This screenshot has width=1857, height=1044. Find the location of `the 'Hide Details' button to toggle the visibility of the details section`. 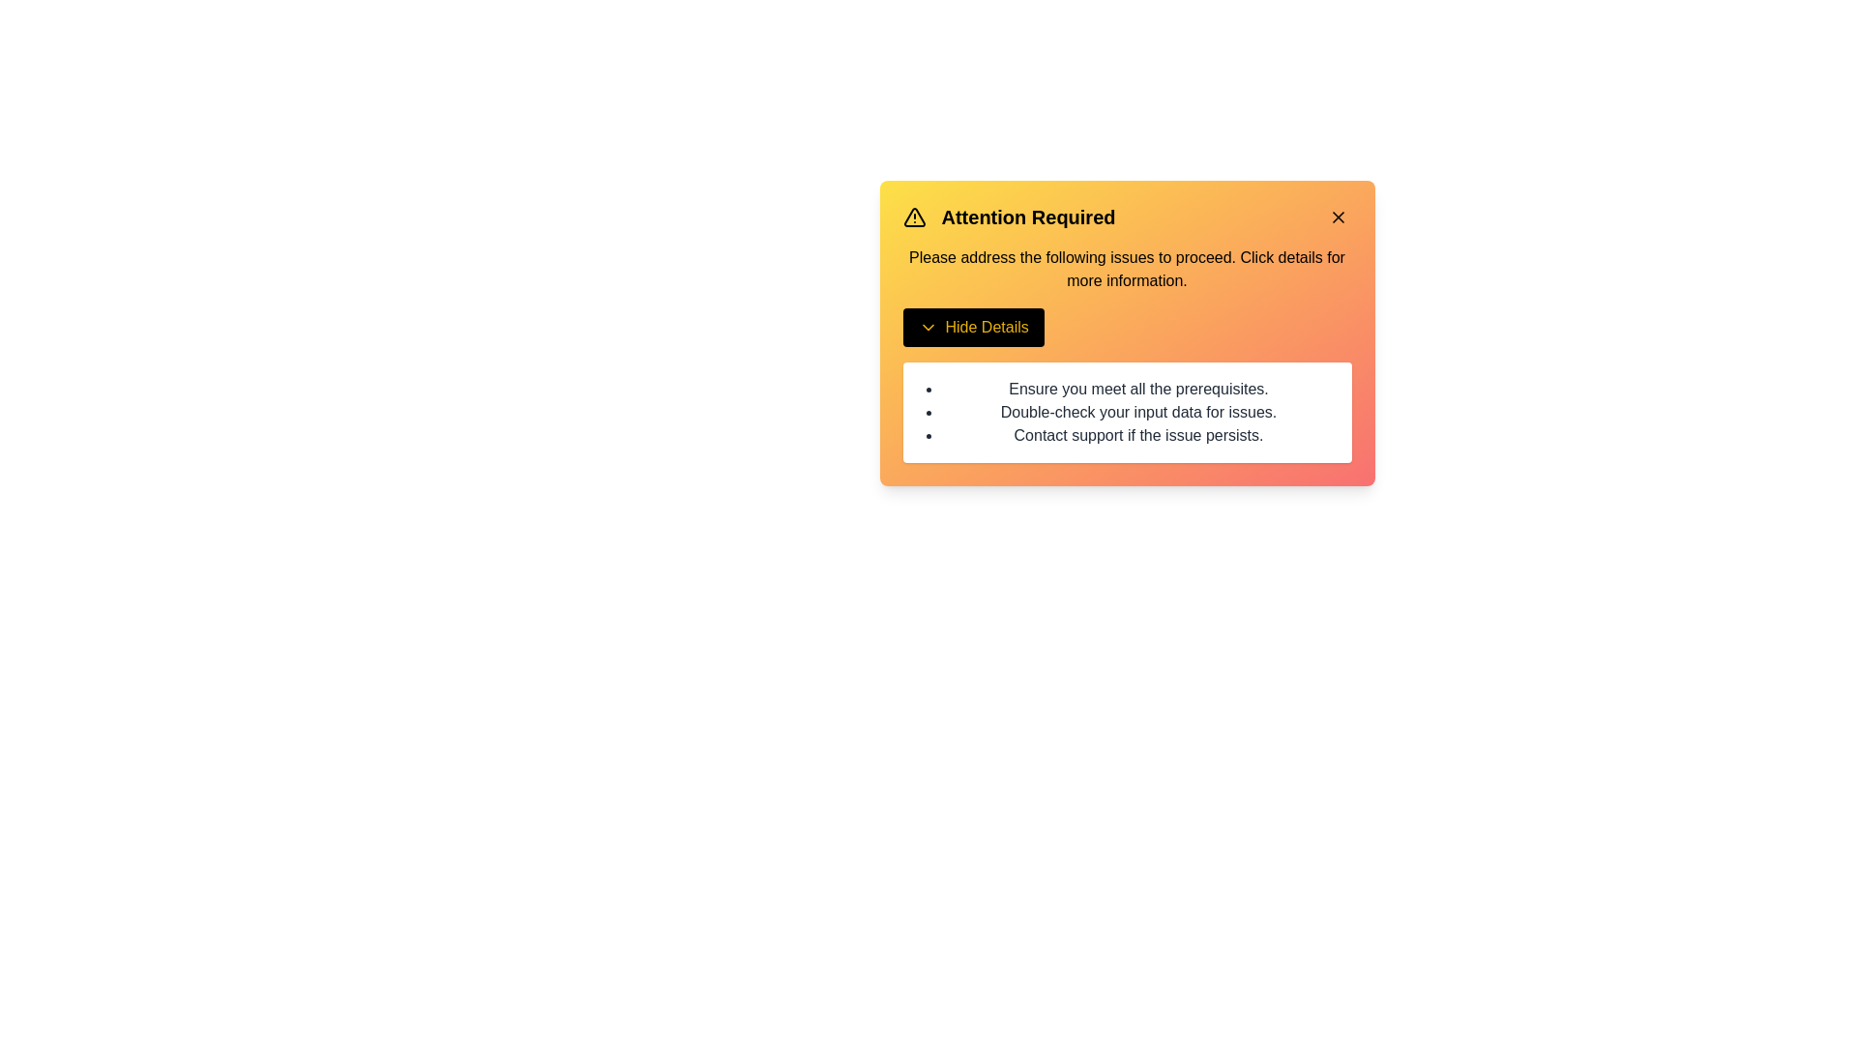

the 'Hide Details' button to toggle the visibility of the details section is located at coordinates (973, 327).